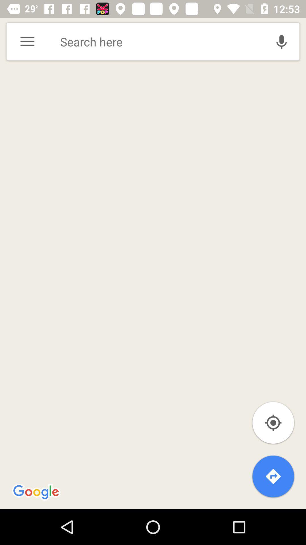 This screenshot has width=306, height=545. What do you see at coordinates (281, 41) in the screenshot?
I see `icon at the top right corner` at bounding box center [281, 41].